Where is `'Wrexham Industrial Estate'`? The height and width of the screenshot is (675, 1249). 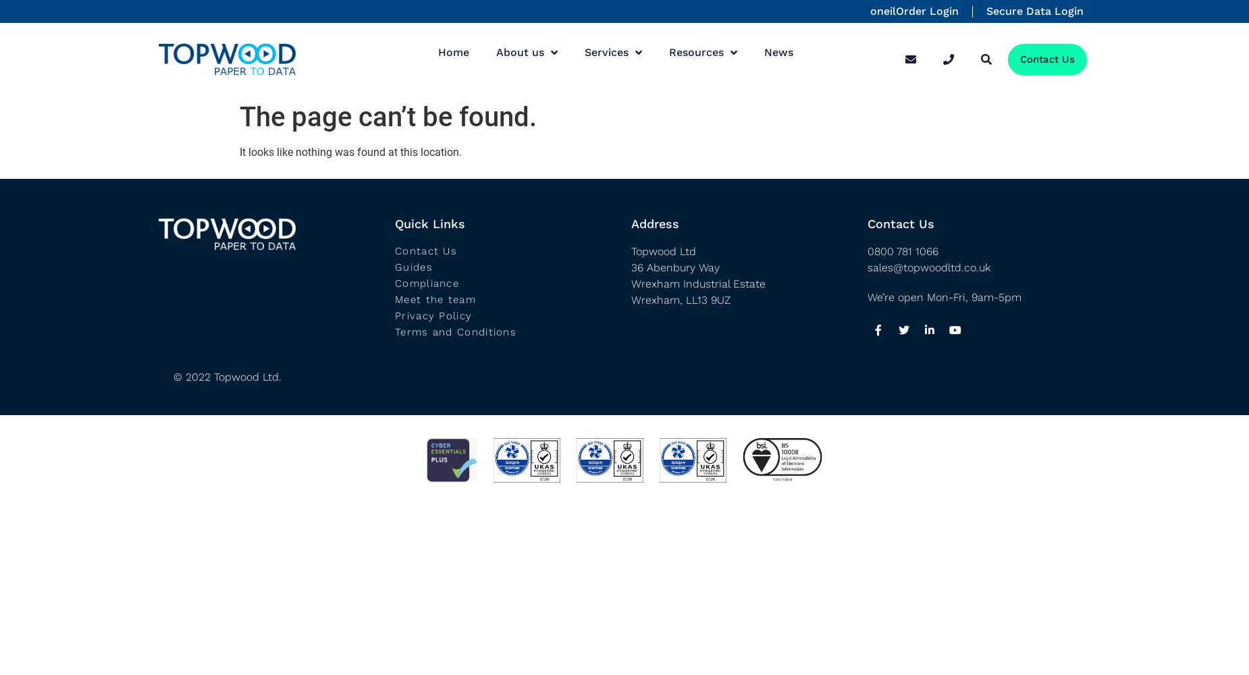 'Wrexham Industrial Estate' is located at coordinates (697, 283).